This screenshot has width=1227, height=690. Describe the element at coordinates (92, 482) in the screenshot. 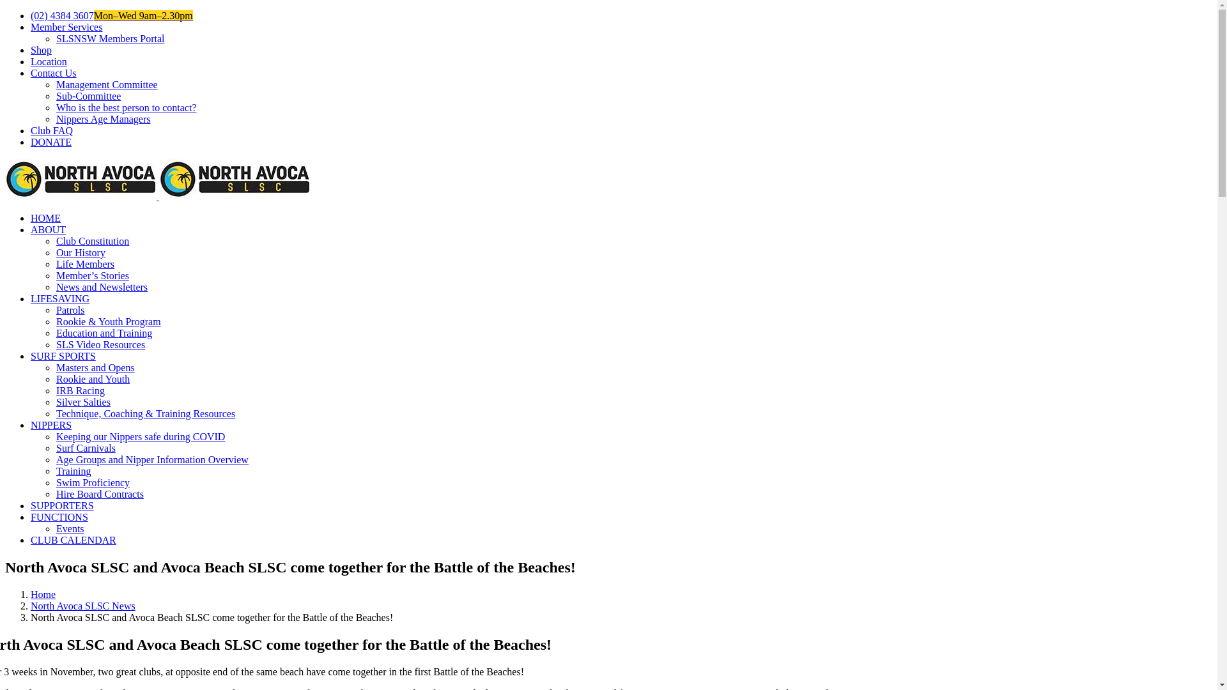

I see `'Swim Proficiency'` at that location.